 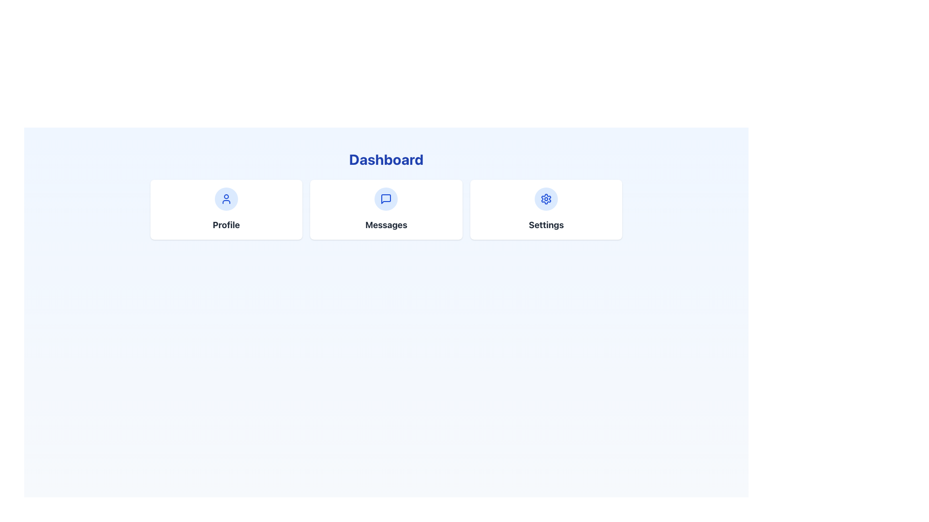 I want to click on the chat bubble icon located in the 'Messages' section of the dashboard interface, which is styled in a minimalist manner and positioned centrally beneath the title 'Dashboard', so click(x=386, y=199).